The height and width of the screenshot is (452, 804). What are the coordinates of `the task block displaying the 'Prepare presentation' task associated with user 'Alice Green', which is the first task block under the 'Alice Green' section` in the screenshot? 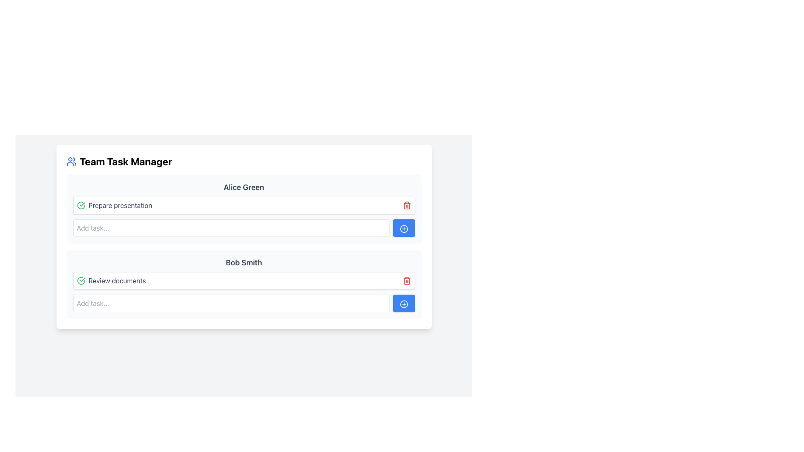 It's located at (243, 209).